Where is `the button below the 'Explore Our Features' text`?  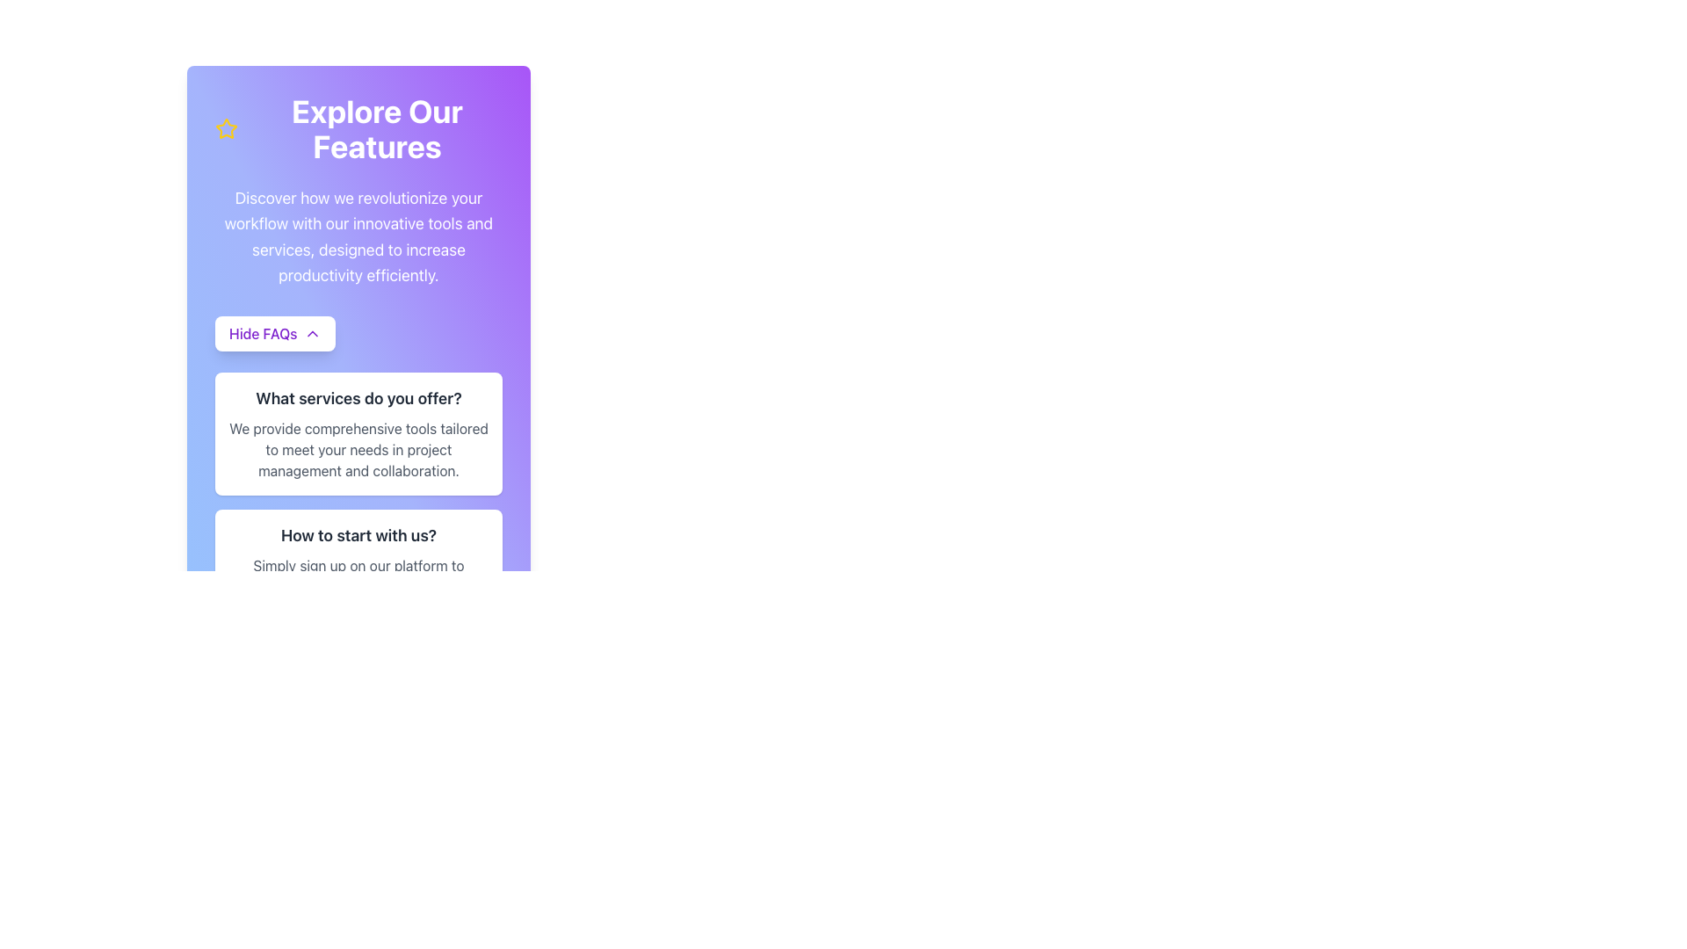
the button below the 'Explore Our Features' text is located at coordinates (274, 334).